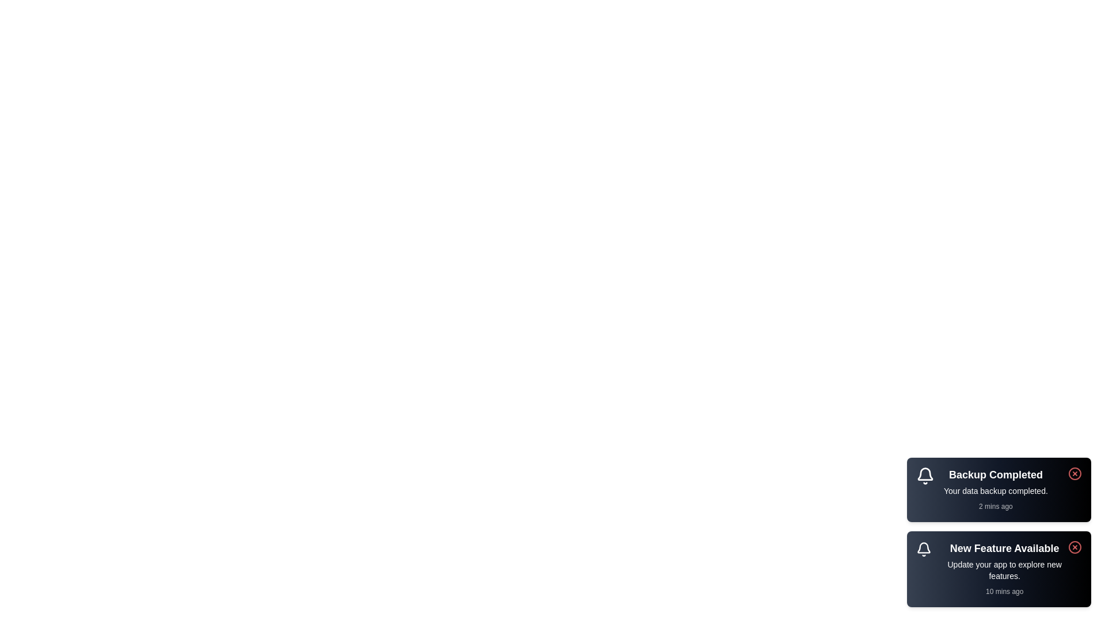  I want to click on the icon next to the snackbar message for Backup Completed, so click(925, 476).